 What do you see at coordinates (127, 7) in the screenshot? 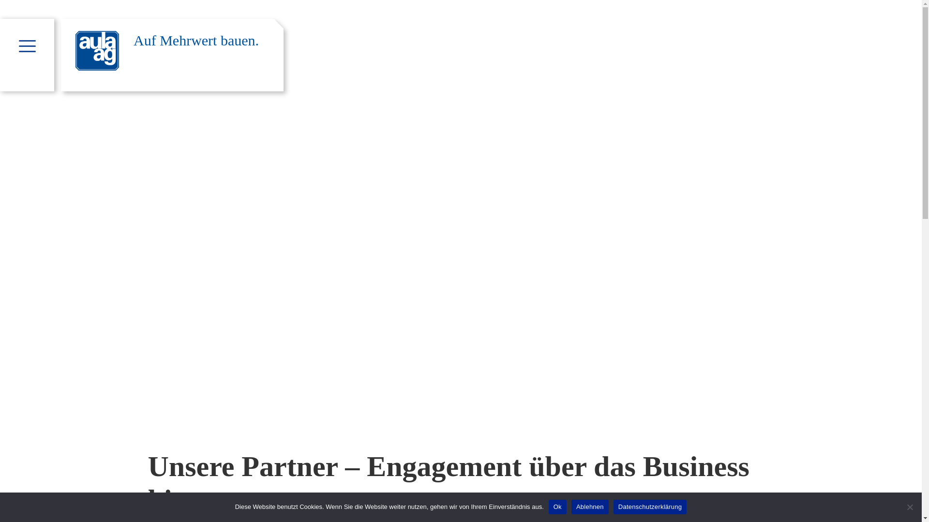
I see `'Suche'` at bounding box center [127, 7].